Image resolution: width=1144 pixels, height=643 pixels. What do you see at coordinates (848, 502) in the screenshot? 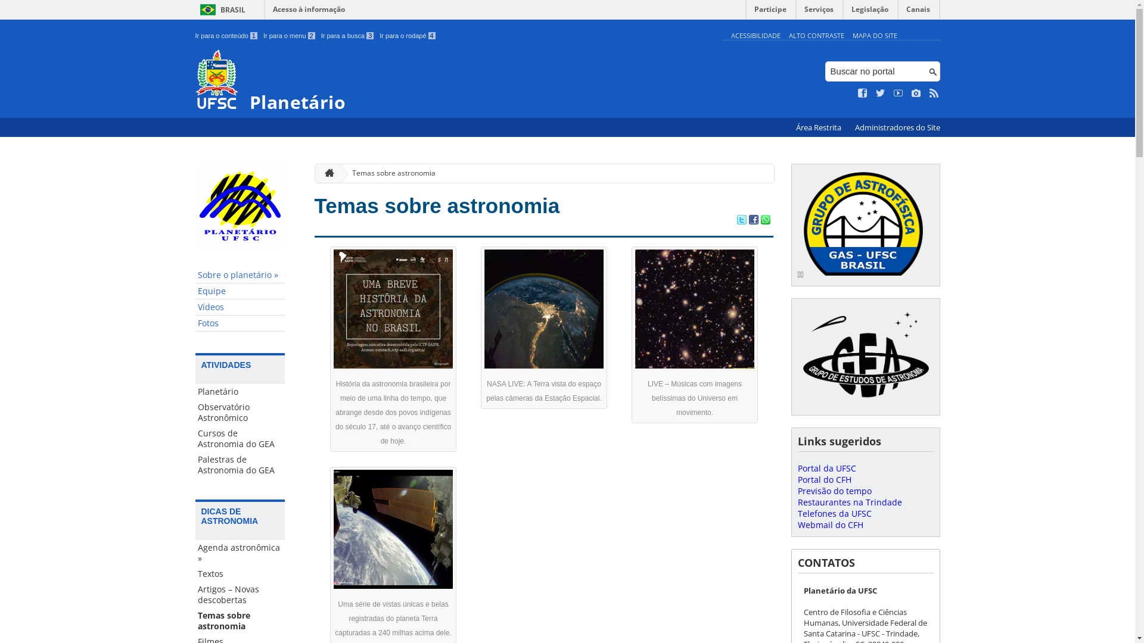
I see `'Restaurantes na Trindade'` at bounding box center [848, 502].